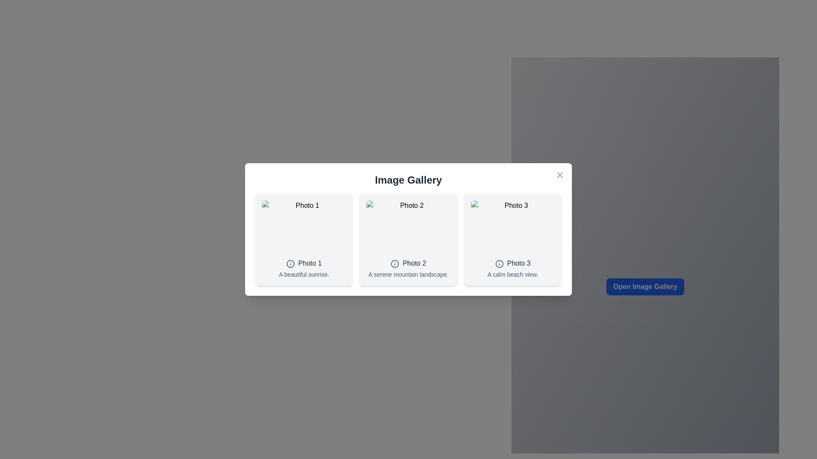 This screenshot has height=459, width=817. Describe the element at coordinates (408, 229) in the screenshot. I see `a photo element within the centered modal popup card titled 'Image Gallery' that contains three photo cards` at that location.